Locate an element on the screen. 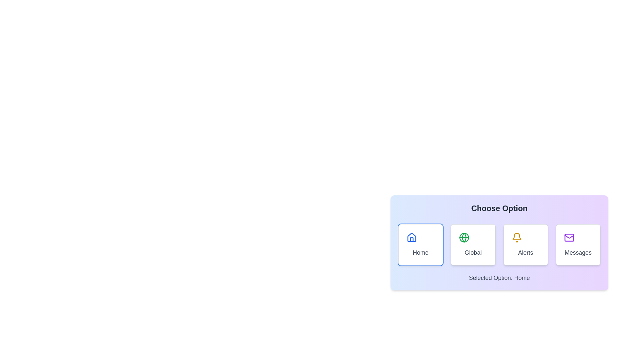 The height and width of the screenshot is (354, 629). door element depicted within the house icon, located at the bottom-center of the icon on the leftmost side of the horizontal array of icons is located at coordinates (411, 240).